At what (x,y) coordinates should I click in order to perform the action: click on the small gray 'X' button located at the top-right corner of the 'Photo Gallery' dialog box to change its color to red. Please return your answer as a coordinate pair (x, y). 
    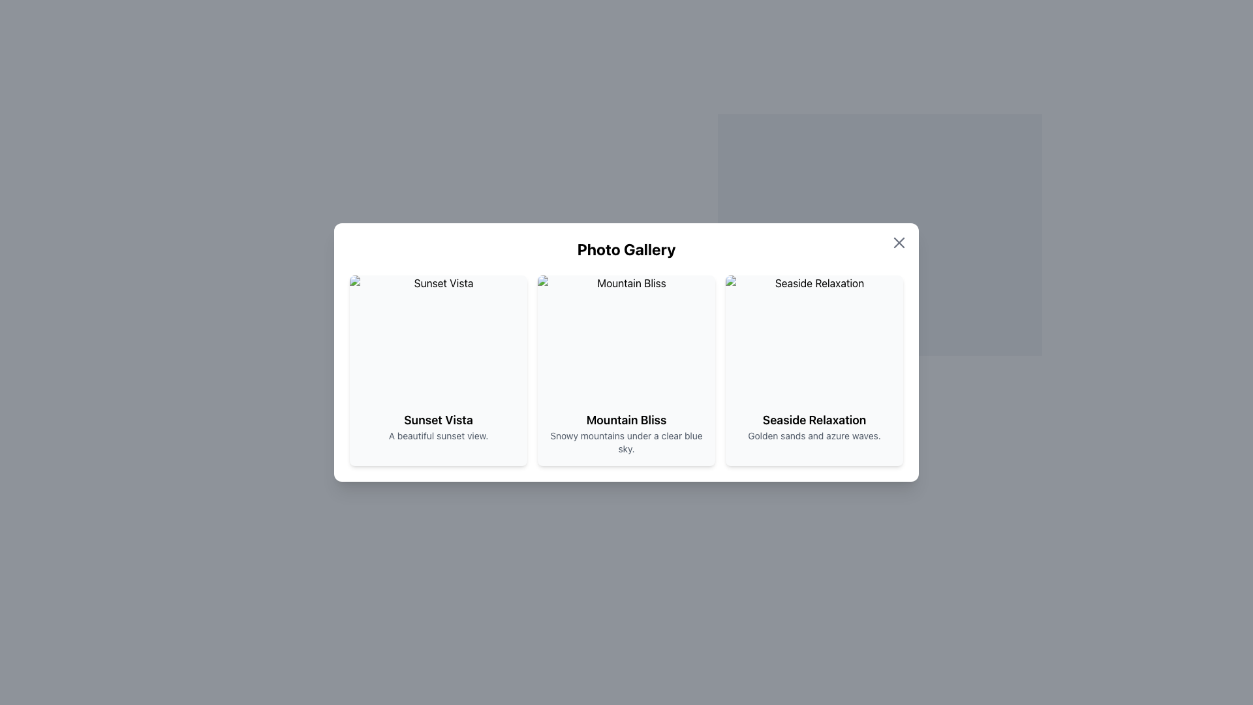
    Looking at the image, I should click on (898, 242).